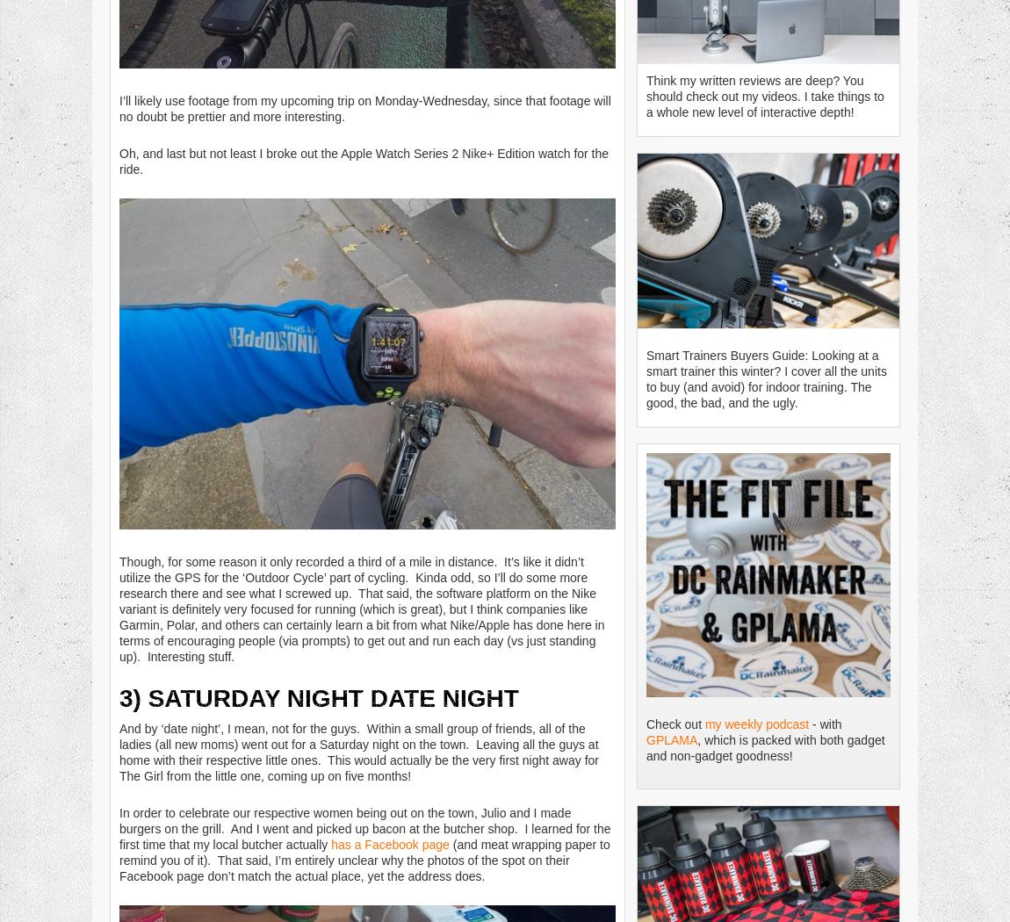 The height and width of the screenshot is (922, 1010). I want to click on 'my weekly podcast', so click(755, 723).